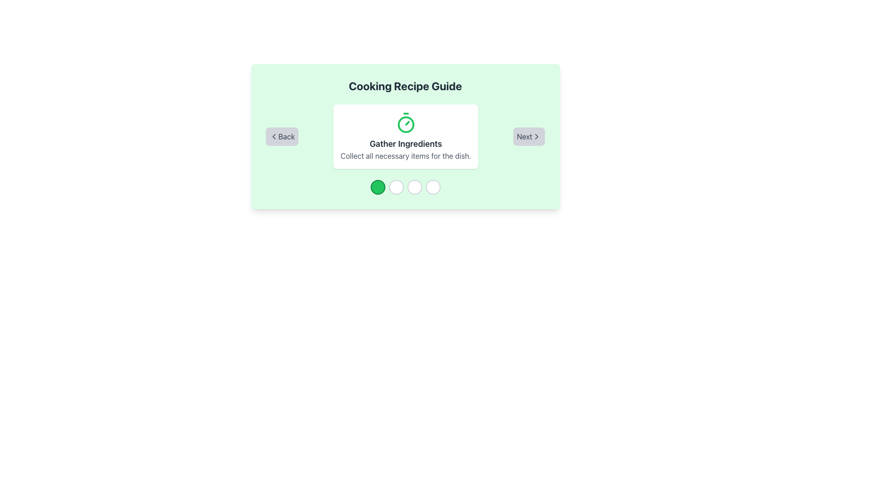 The width and height of the screenshot is (883, 497). I want to click on bold text element saying 'Gather Ingredients' that is centrally aligned below the green timer icon and above the description text, so click(405, 144).